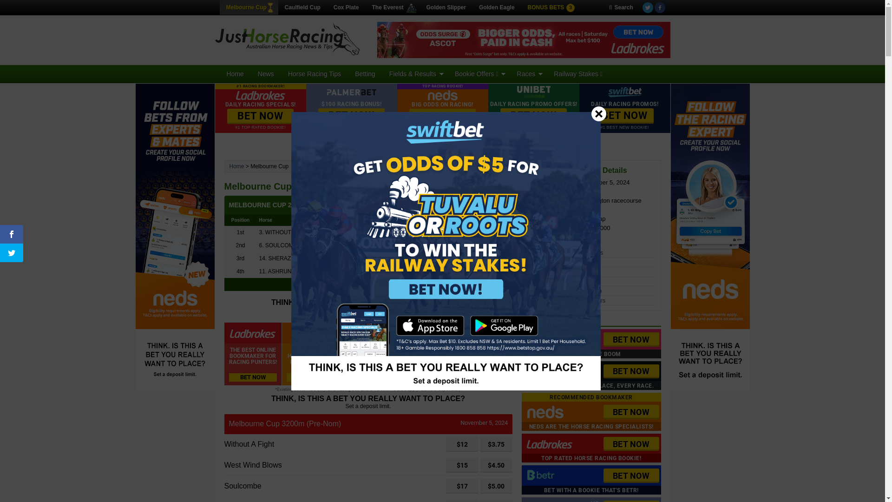 The image size is (892, 502). I want to click on '$15', so click(462, 465).